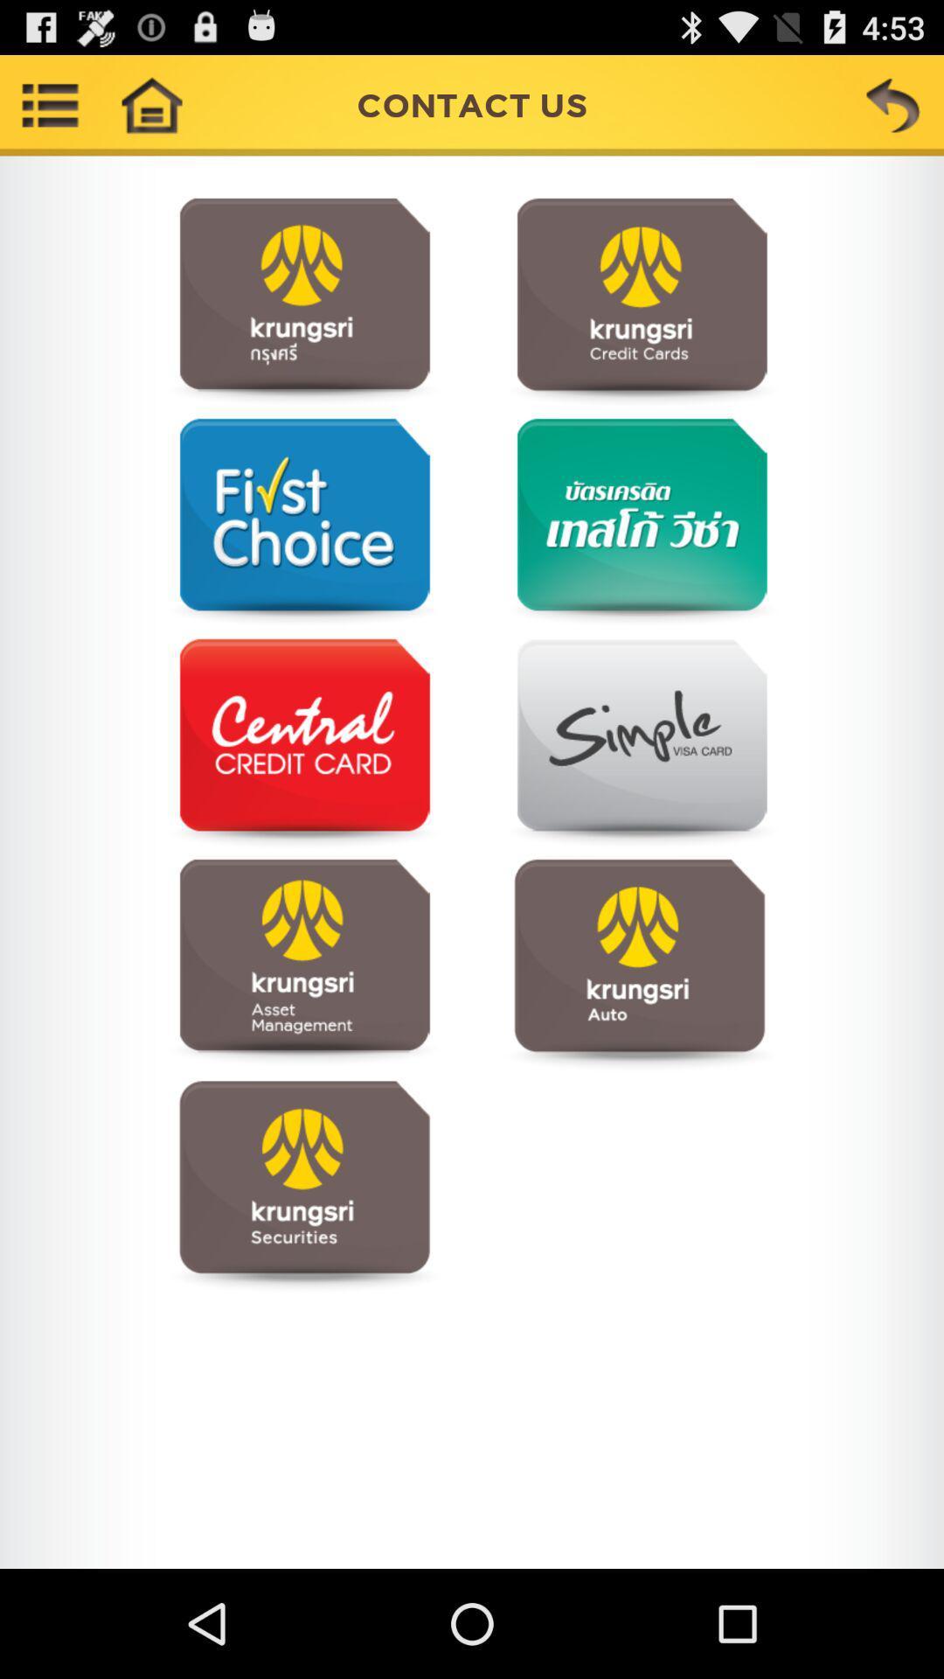 Image resolution: width=944 pixels, height=1679 pixels. I want to click on button for going back home, so click(150, 104).